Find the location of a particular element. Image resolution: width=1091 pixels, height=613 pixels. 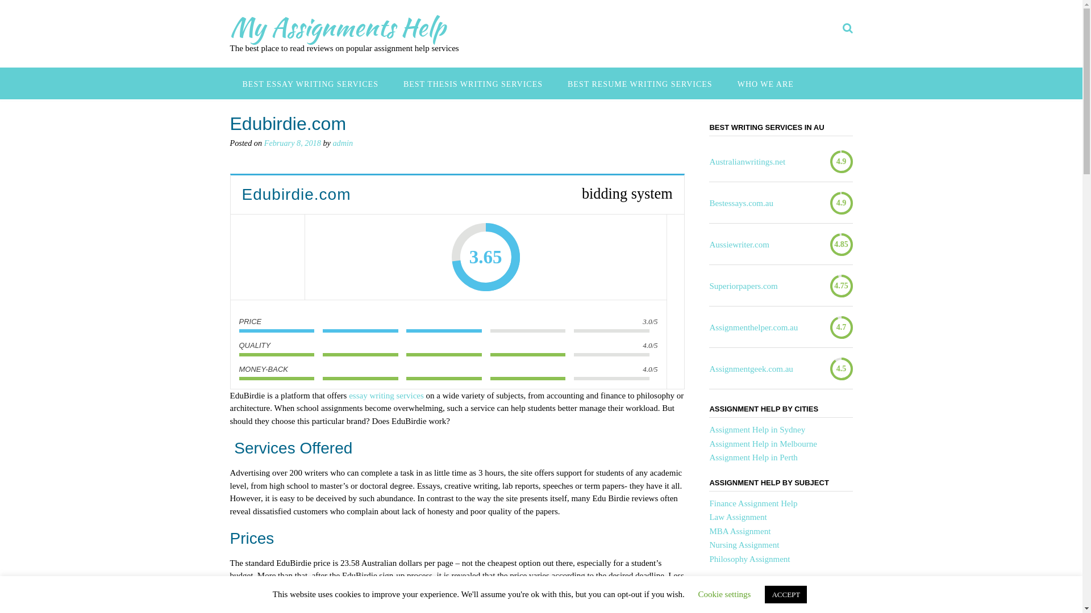

'Superiorpapers.com' is located at coordinates (743, 285).